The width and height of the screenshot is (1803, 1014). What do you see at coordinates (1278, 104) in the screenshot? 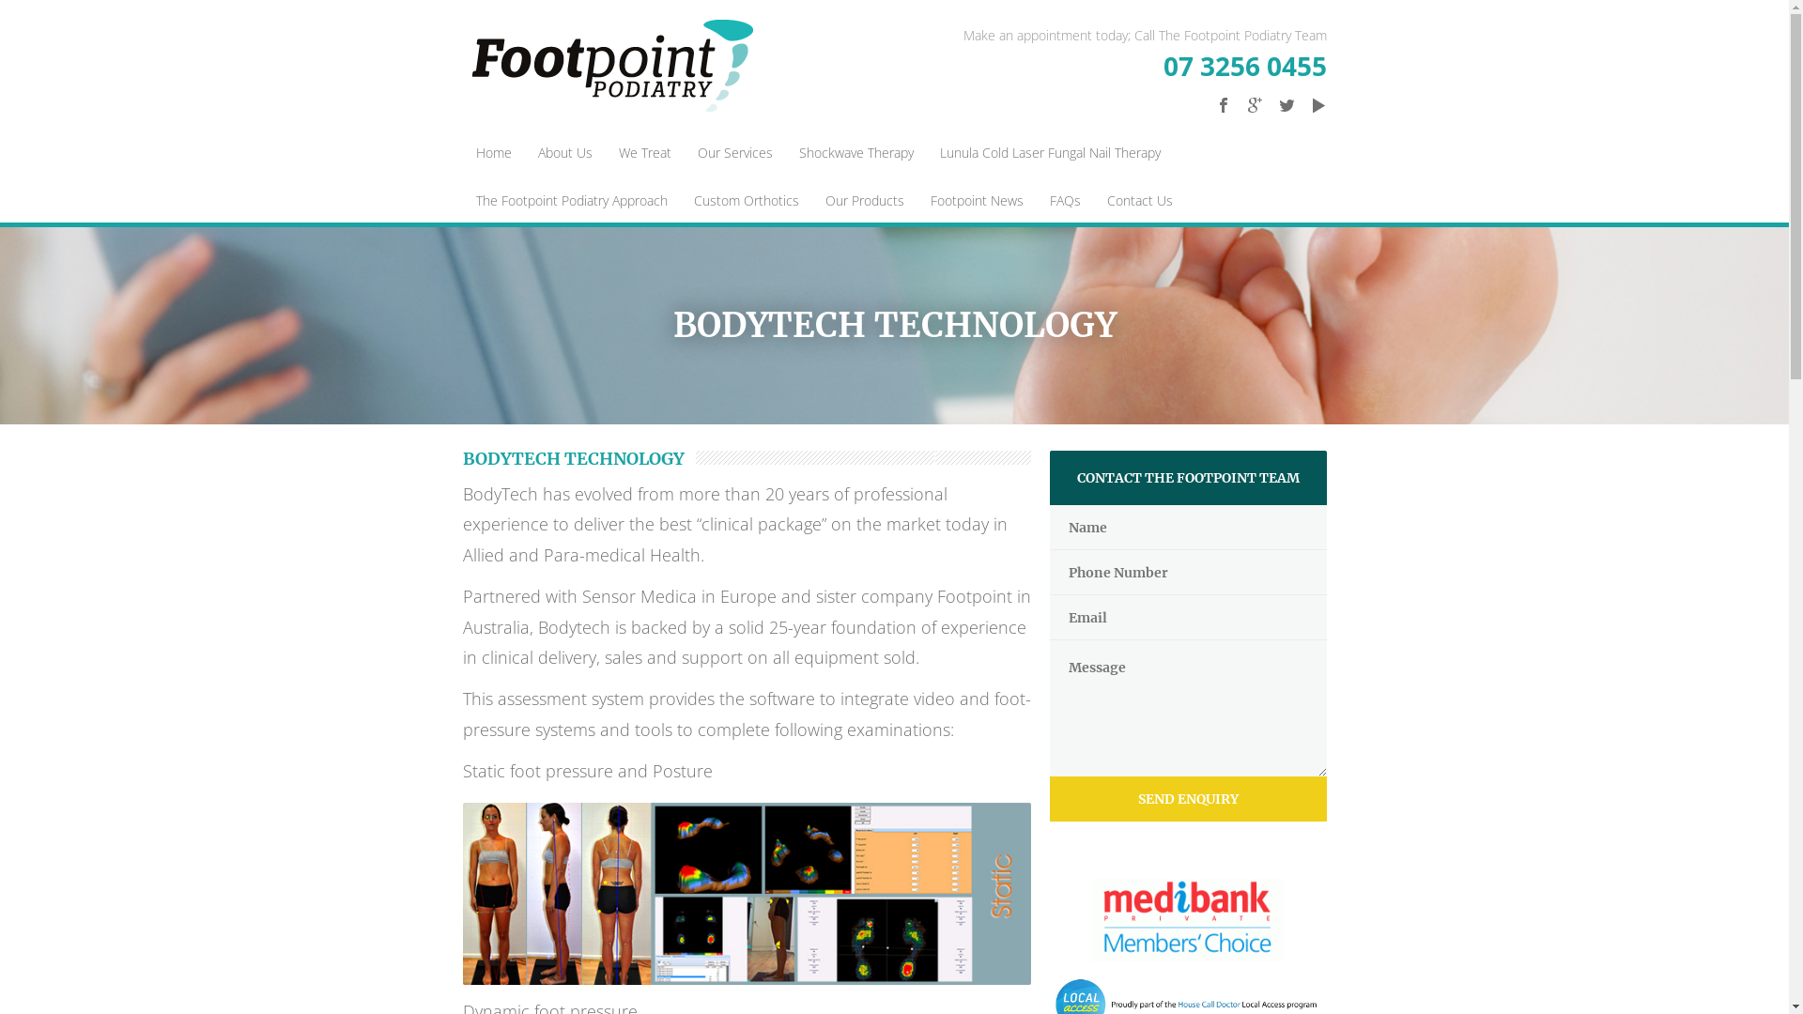
I see `'Twitter'` at bounding box center [1278, 104].